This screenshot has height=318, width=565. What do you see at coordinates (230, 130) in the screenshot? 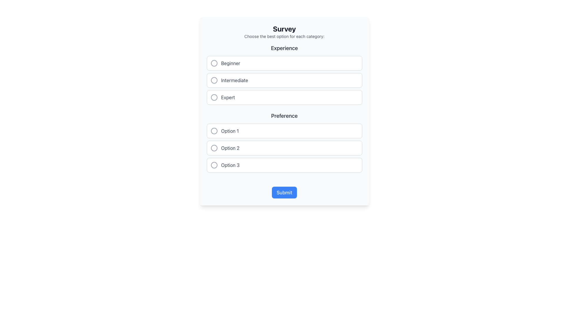
I see `text from the Text Label element displaying 'Option 1' in the 'Preference' section of the form` at bounding box center [230, 130].